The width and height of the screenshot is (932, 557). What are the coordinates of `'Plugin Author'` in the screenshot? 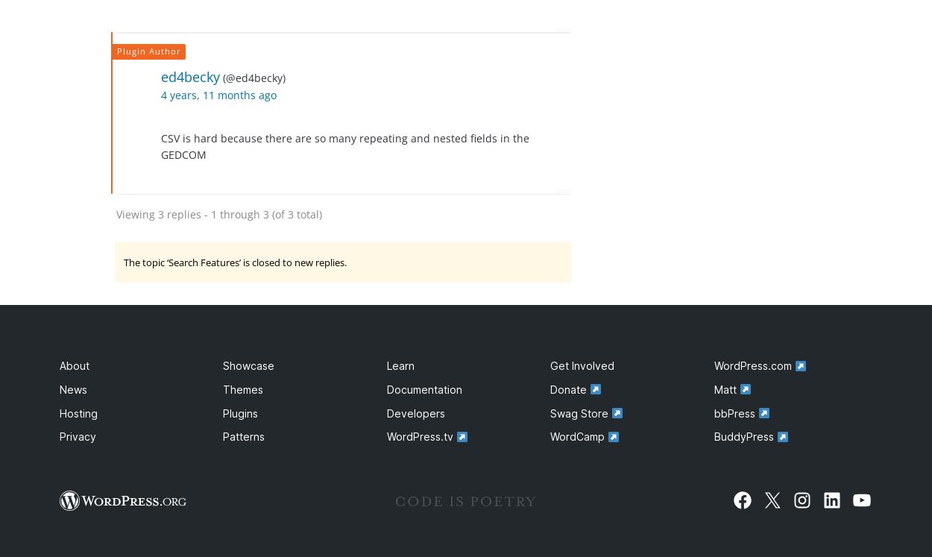 It's located at (117, 50).